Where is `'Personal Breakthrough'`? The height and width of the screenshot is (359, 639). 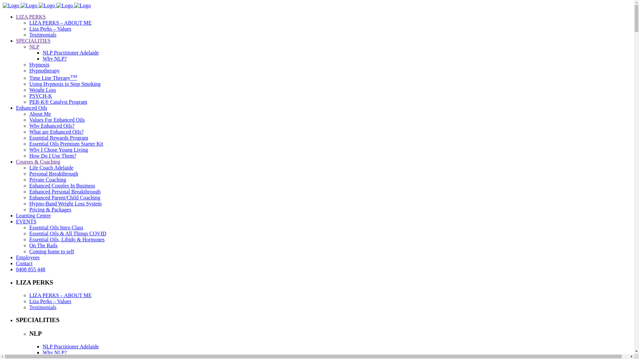
'Personal Breakthrough' is located at coordinates (54, 173).